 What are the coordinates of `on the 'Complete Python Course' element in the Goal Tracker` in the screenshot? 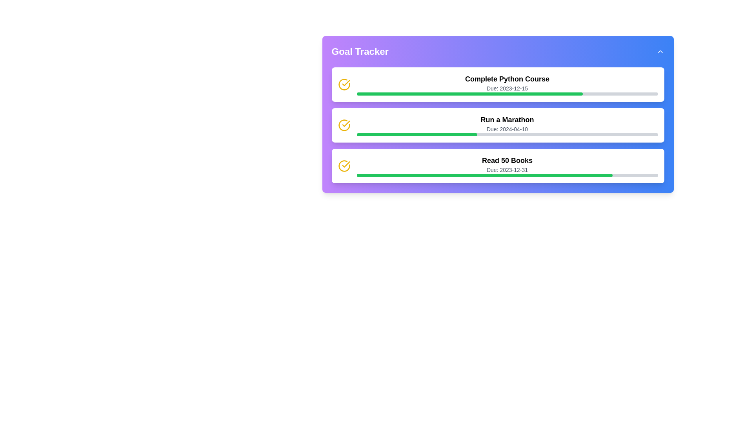 It's located at (507, 85).